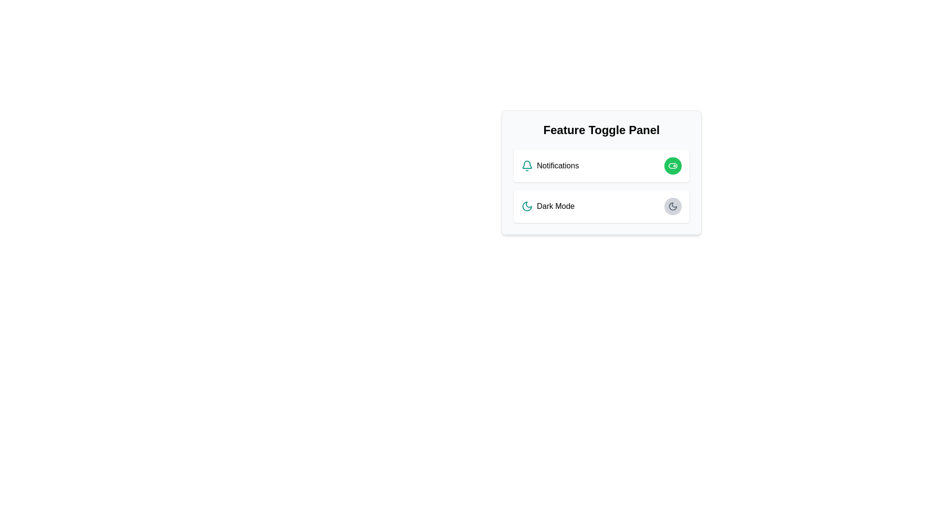 This screenshot has height=521, width=927. I want to click on the crescent moon icon in the 'Dark Mode' toggle option, located within the 'Feature Toggle Panel' on the right side of the toggle, so click(526, 206).